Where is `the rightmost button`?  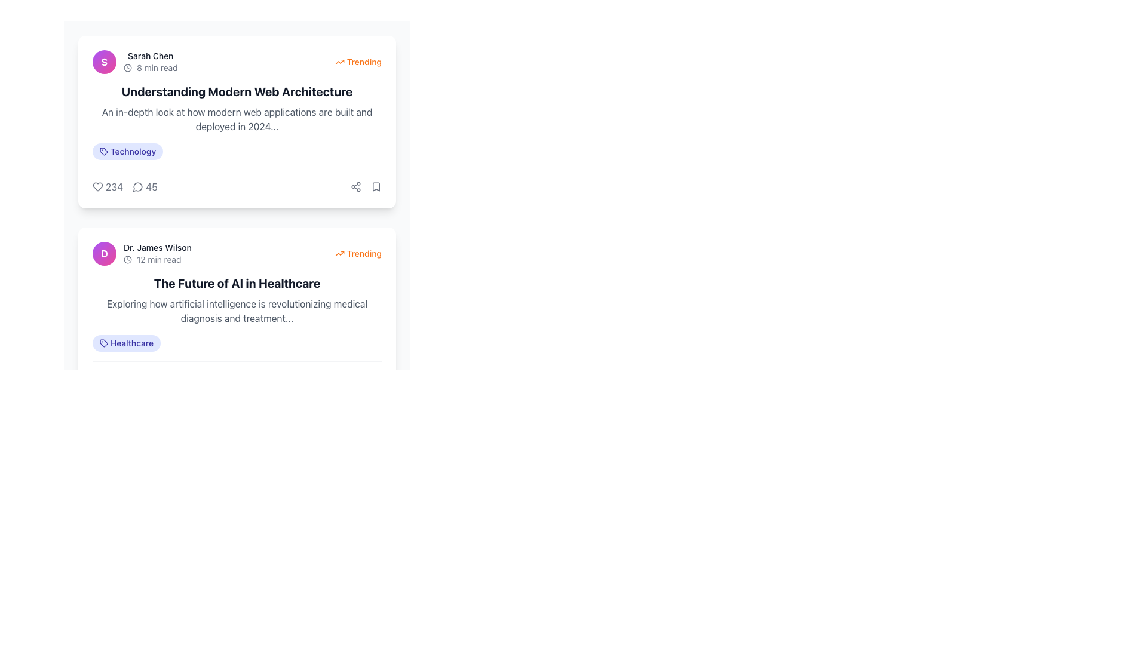
the rightmost button is located at coordinates (332, 632).